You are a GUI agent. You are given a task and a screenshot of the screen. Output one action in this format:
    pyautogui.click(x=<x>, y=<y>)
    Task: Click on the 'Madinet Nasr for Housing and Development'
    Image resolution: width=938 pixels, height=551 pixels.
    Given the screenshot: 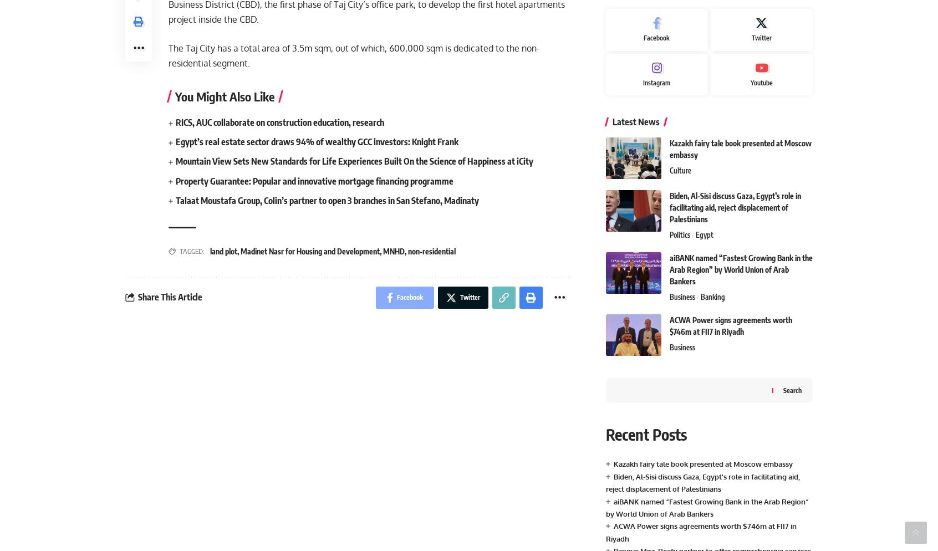 What is the action you would take?
    pyautogui.click(x=310, y=251)
    